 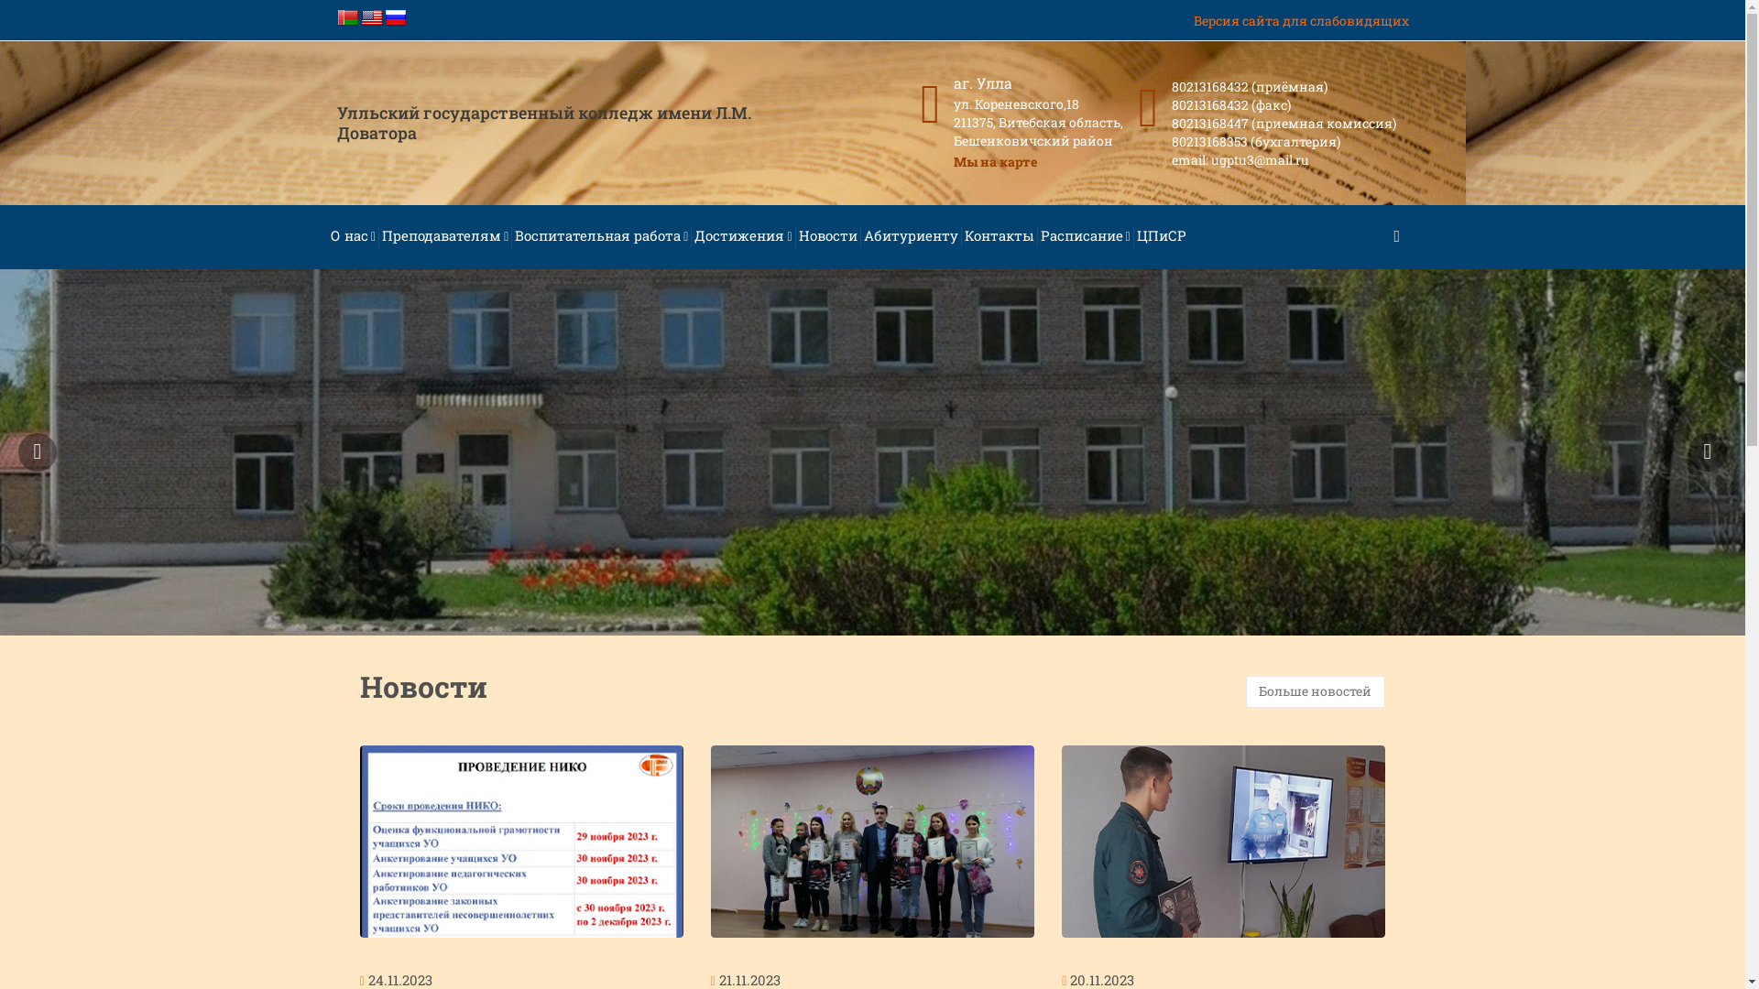 What do you see at coordinates (360, 17) in the screenshot?
I see `'English'` at bounding box center [360, 17].